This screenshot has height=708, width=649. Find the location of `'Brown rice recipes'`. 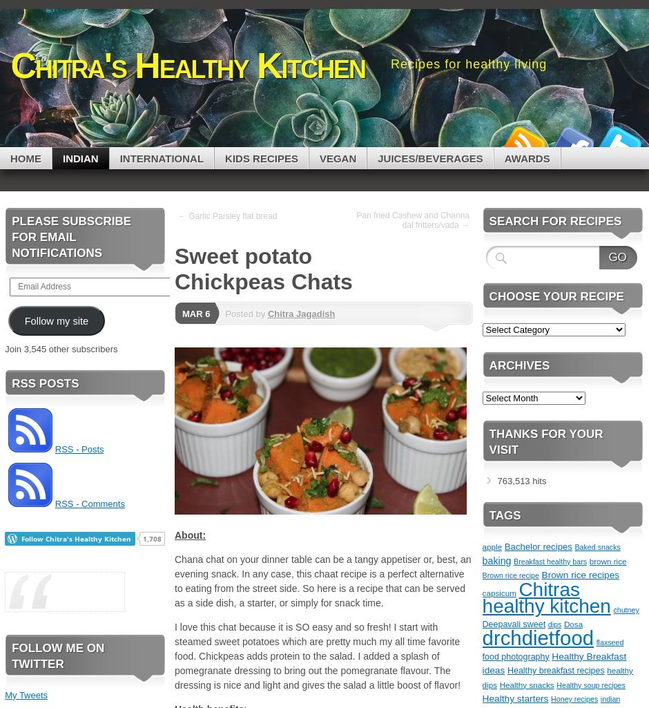

'Brown rice recipes' is located at coordinates (579, 574).